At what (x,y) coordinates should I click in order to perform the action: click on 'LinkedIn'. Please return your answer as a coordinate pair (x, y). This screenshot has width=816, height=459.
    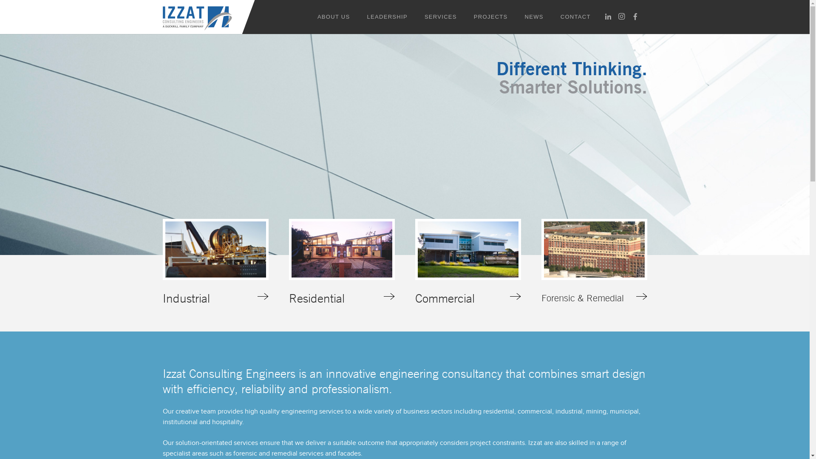
    Looking at the image, I should click on (601, 16).